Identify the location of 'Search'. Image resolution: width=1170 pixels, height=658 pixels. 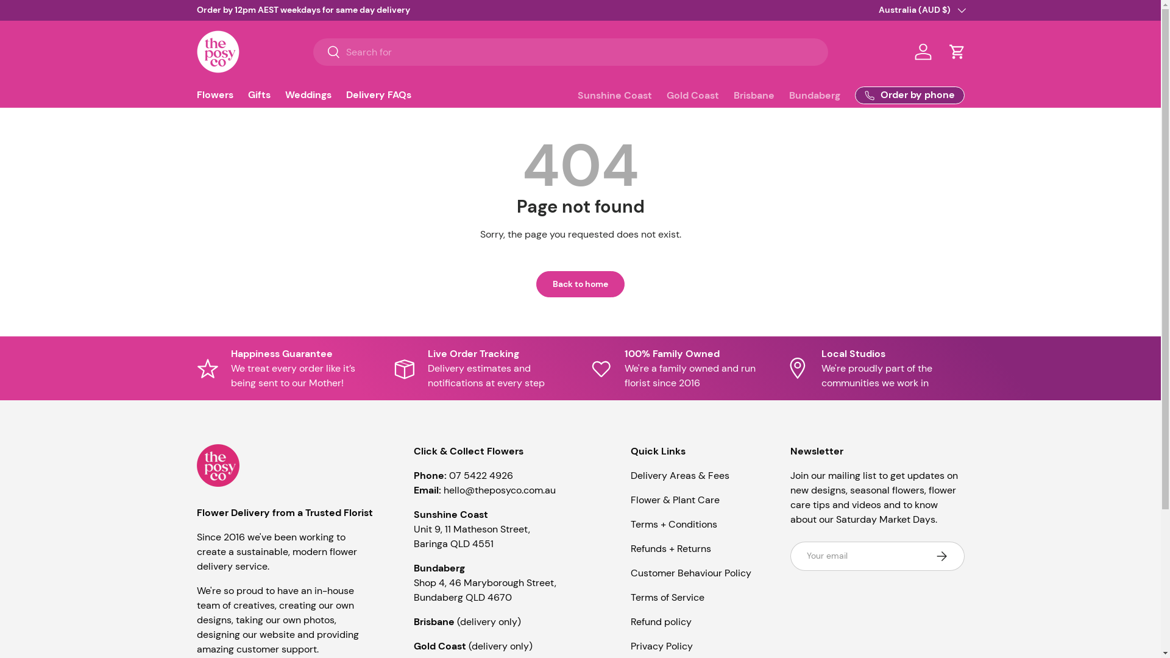
(327, 52).